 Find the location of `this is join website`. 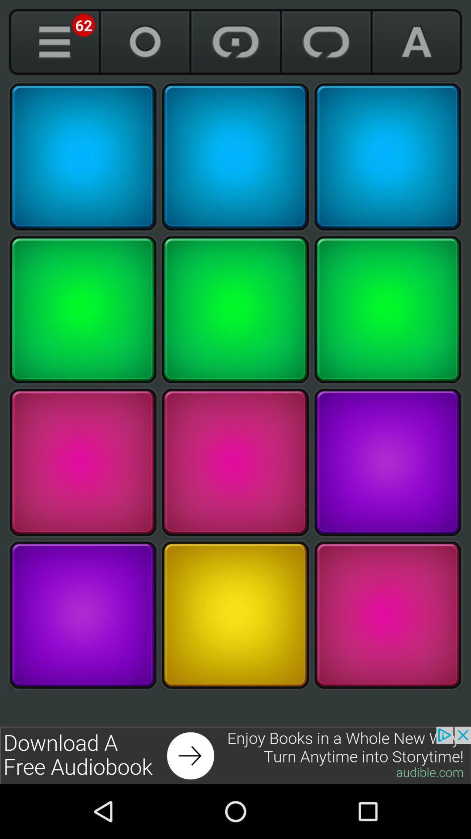

this is join website is located at coordinates (235, 755).